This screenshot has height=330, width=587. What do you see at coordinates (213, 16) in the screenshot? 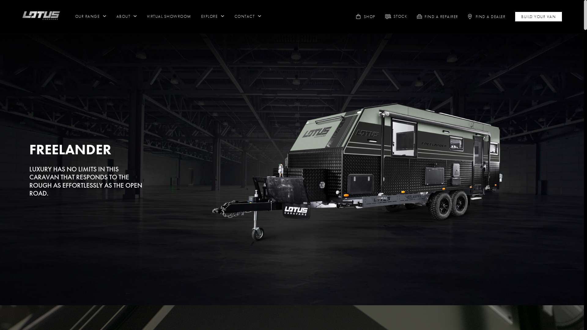
I see `'EXPLORE'` at bounding box center [213, 16].